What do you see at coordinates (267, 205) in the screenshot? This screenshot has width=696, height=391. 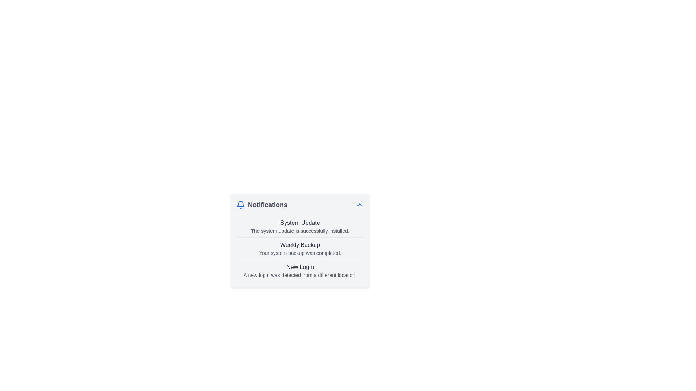 I see `text of the 'Notifications' label, which is a bold and large gray font prominently styled in the notification panel` at bounding box center [267, 205].